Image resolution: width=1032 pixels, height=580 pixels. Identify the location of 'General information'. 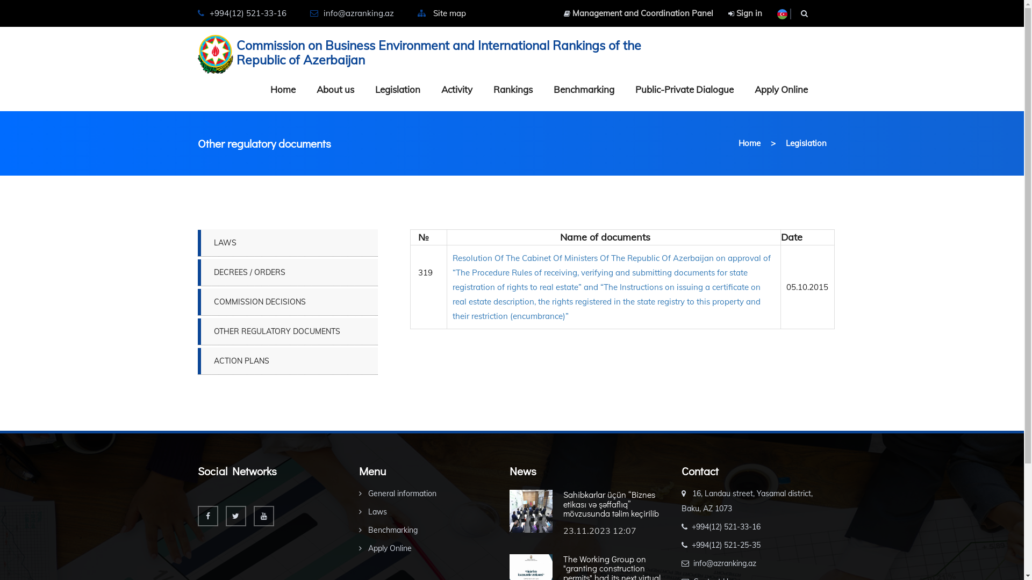
(397, 493).